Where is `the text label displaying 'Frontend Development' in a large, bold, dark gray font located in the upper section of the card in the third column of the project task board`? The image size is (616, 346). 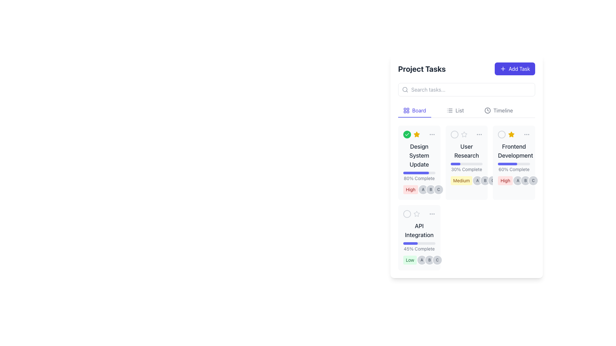
the text label displaying 'Frontend Development' in a large, bold, dark gray font located in the upper section of the card in the third column of the project task board is located at coordinates (514, 151).